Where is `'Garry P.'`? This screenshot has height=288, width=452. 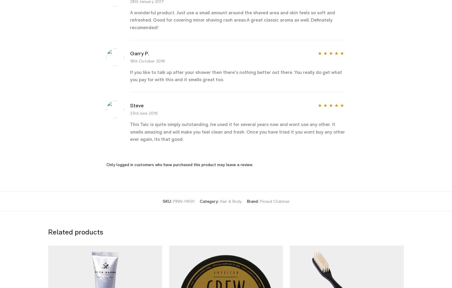
'Garry P.' is located at coordinates (139, 53).